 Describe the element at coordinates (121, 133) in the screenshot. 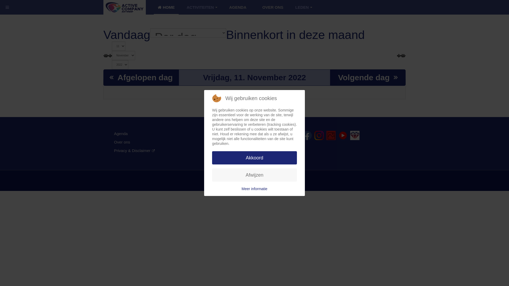

I see `'Agenda'` at that location.